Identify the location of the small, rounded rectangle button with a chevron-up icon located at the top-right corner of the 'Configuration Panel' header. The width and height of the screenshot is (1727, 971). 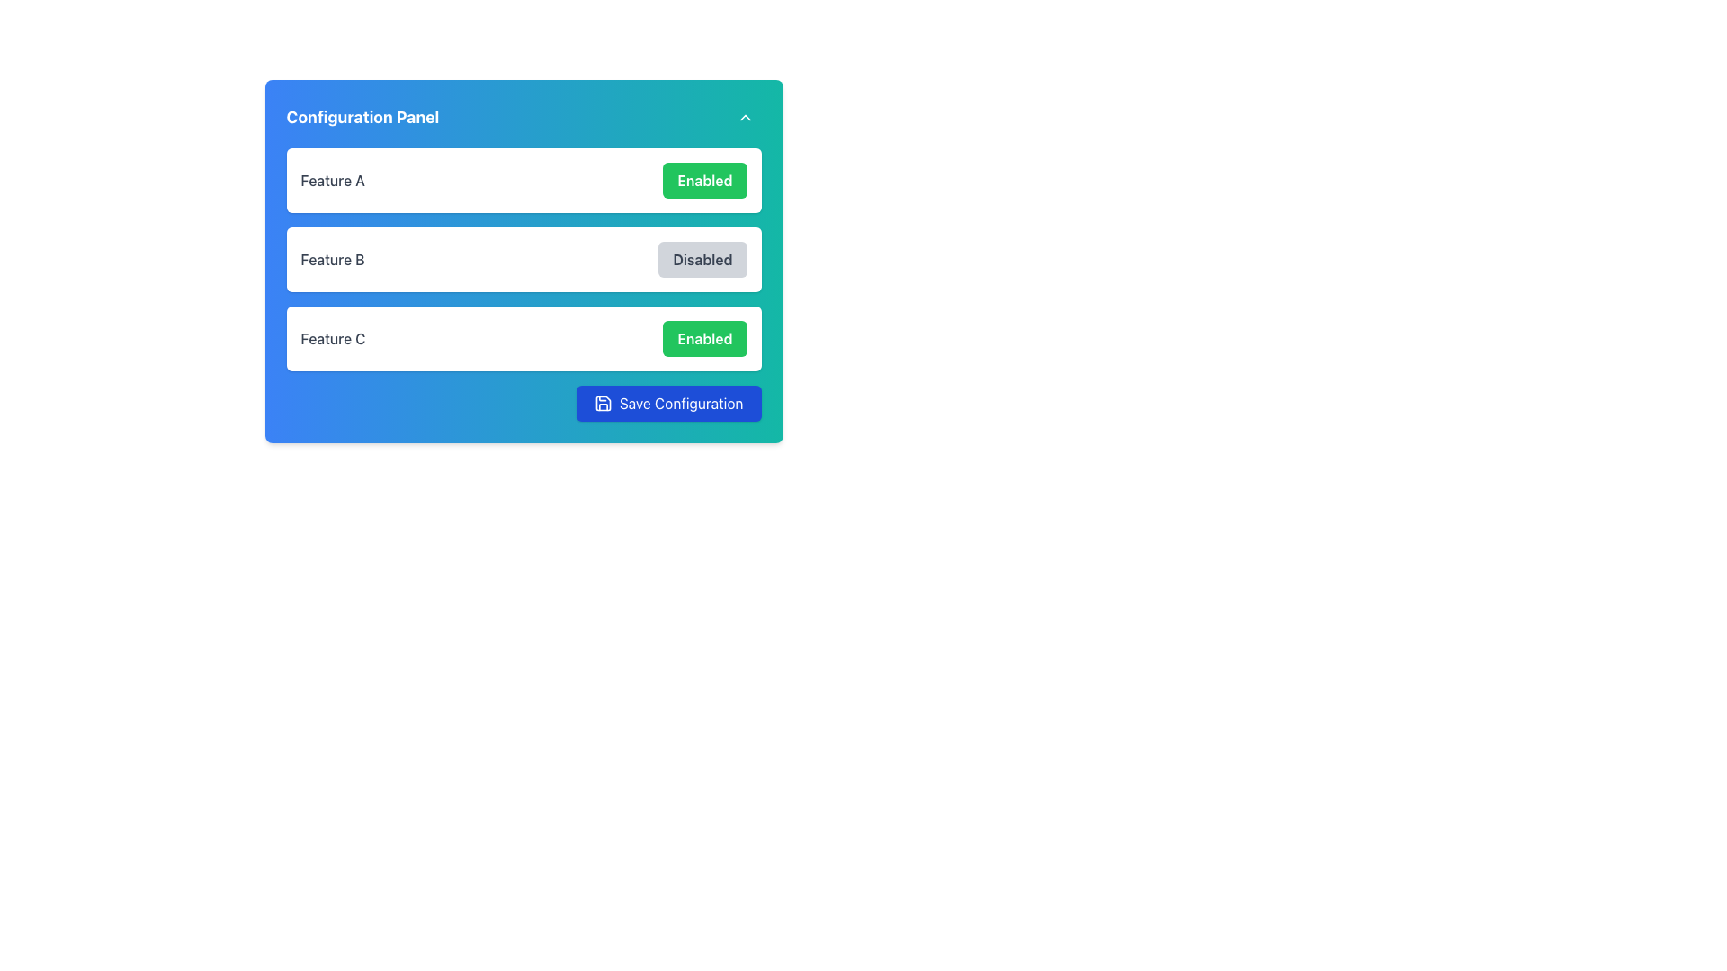
(745, 118).